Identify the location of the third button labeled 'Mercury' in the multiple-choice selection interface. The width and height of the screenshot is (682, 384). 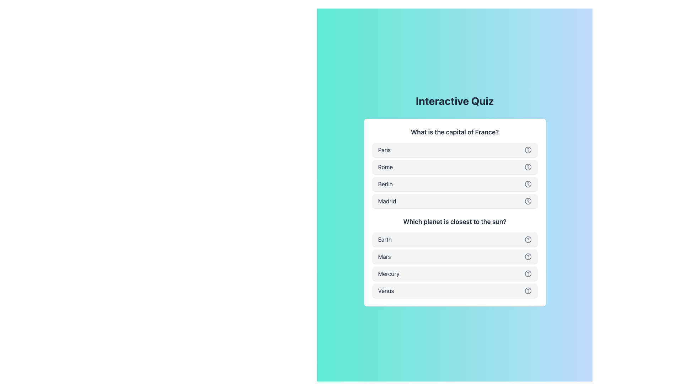
(455, 273).